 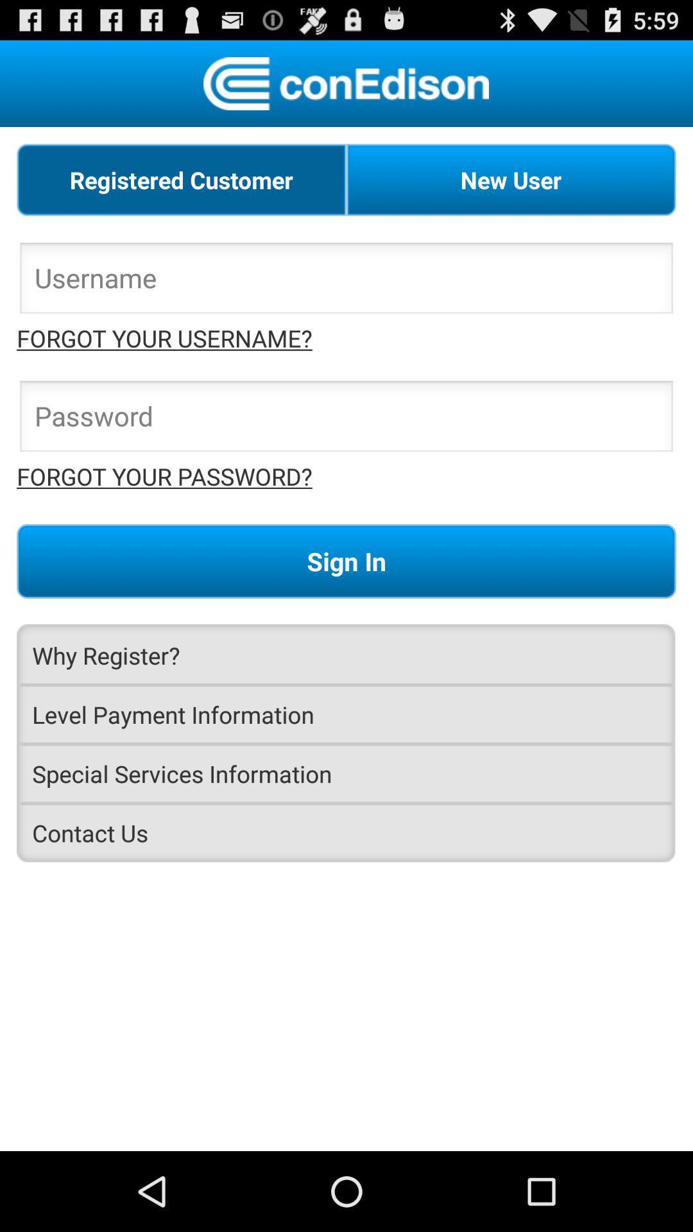 I want to click on radio button to the left of the new user radio button, so click(x=182, y=179).